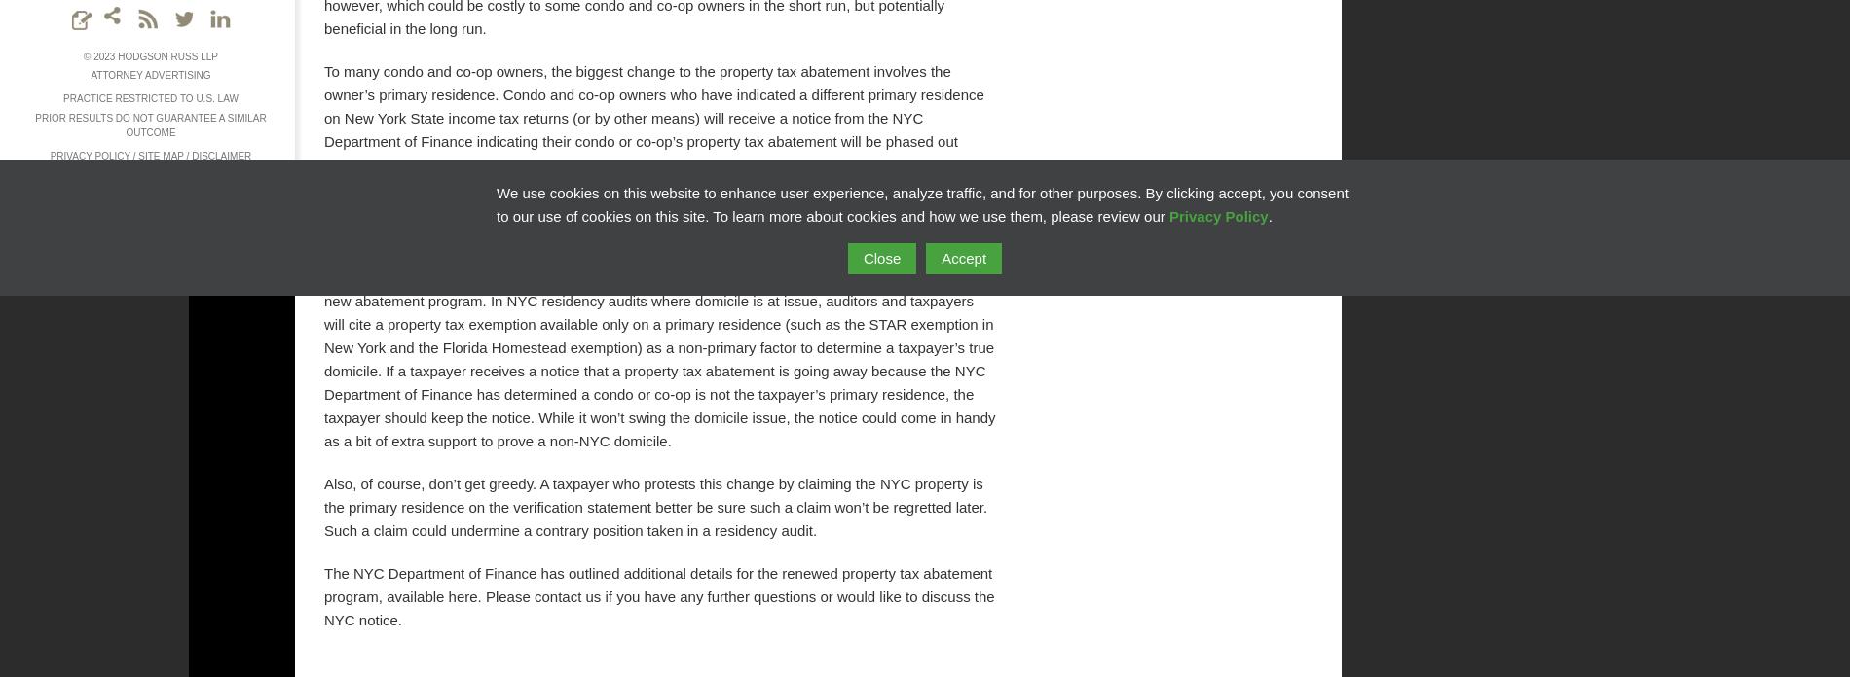  Describe the element at coordinates (221, 155) in the screenshot. I see `'Disclaimer'` at that location.